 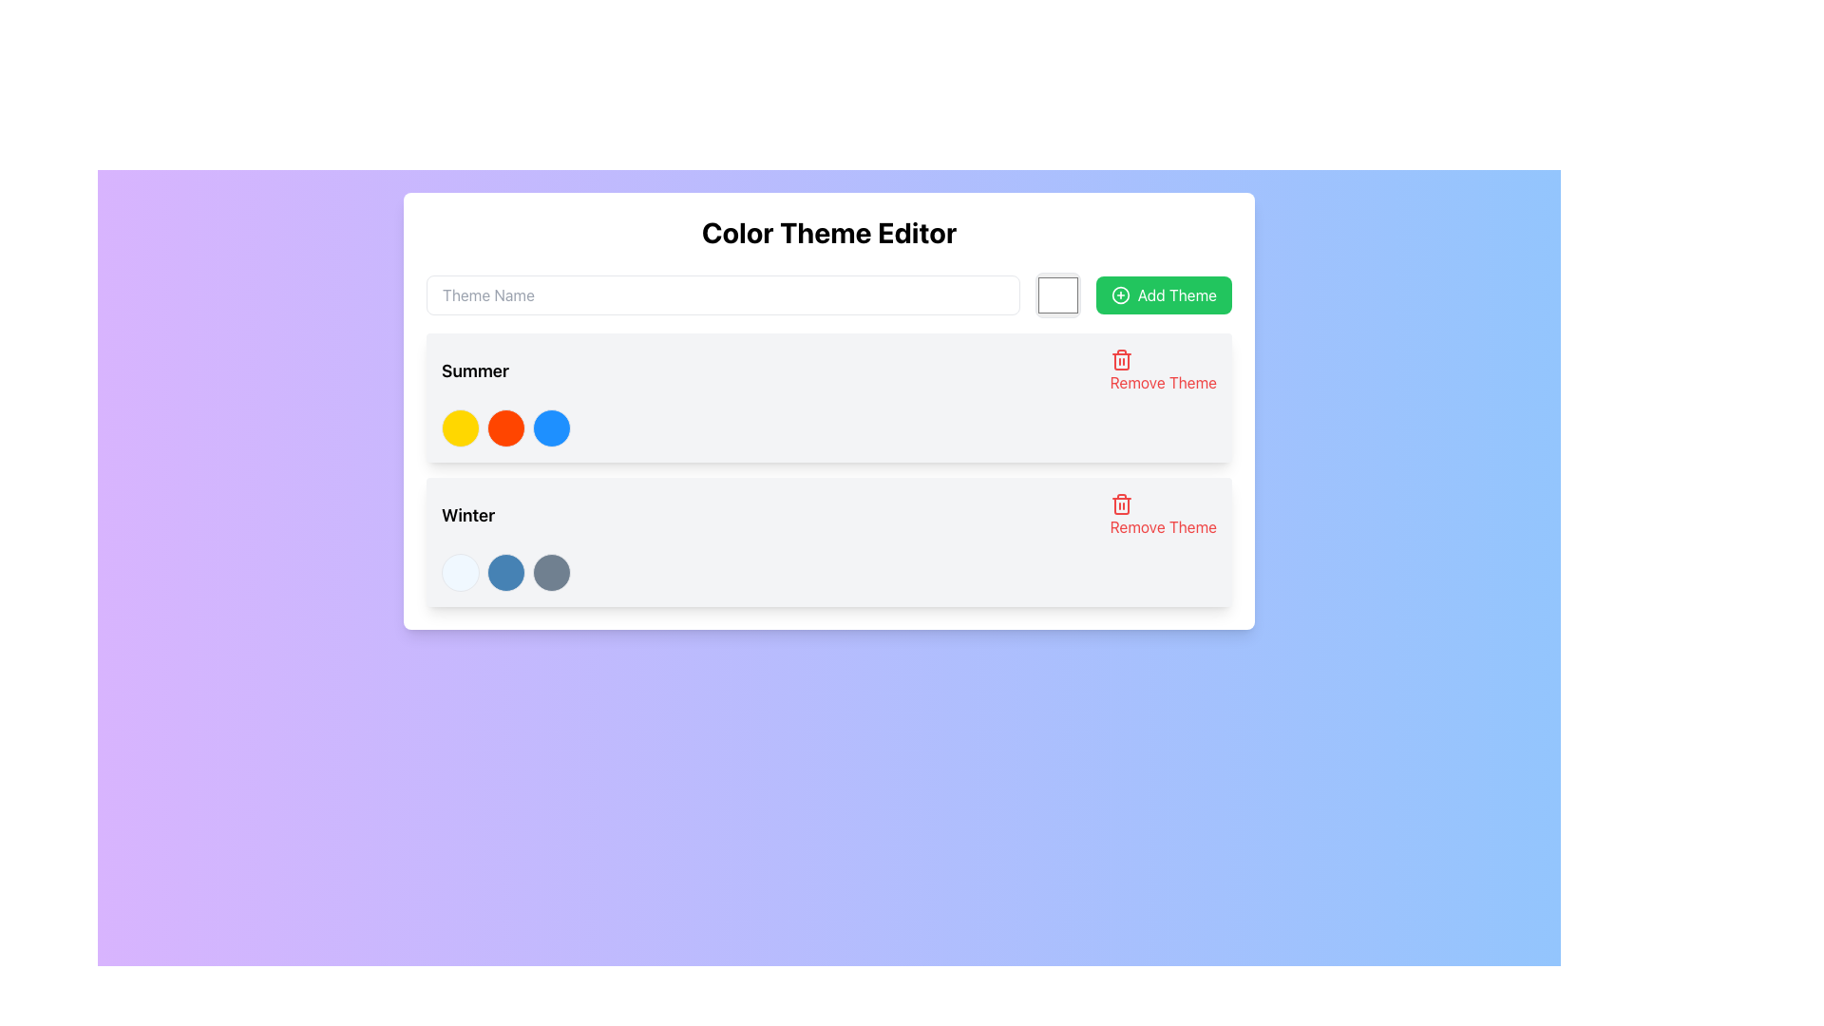 What do you see at coordinates (460, 428) in the screenshot?
I see `the first yellow circular color indicator in the 'Summer' theme selector` at bounding box center [460, 428].